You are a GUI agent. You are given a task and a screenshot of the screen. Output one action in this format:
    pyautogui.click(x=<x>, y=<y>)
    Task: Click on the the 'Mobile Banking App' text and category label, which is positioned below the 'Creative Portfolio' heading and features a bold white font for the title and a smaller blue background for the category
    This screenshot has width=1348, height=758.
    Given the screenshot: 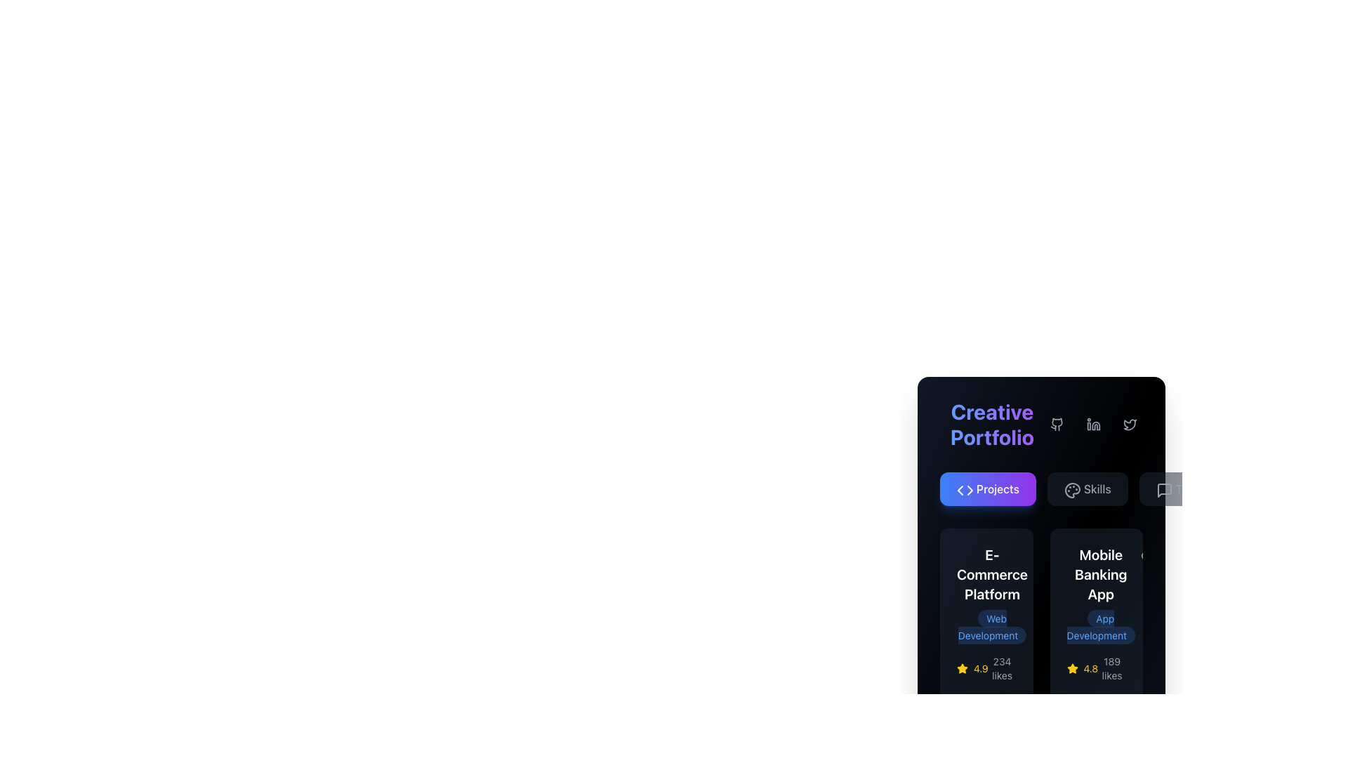 What is the action you would take?
    pyautogui.click(x=1100, y=594)
    